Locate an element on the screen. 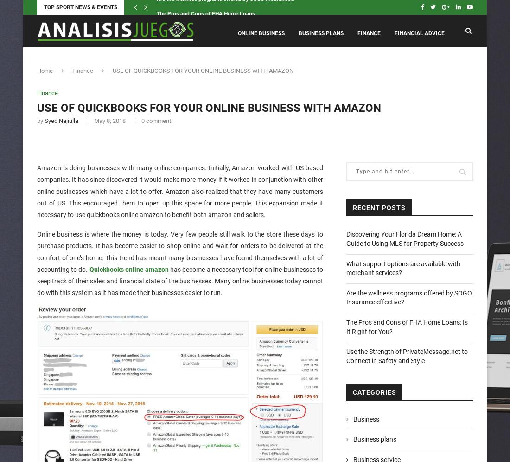  'The Pros and Cons of FHA Home Loans:...' is located at coordinates (208, 7).